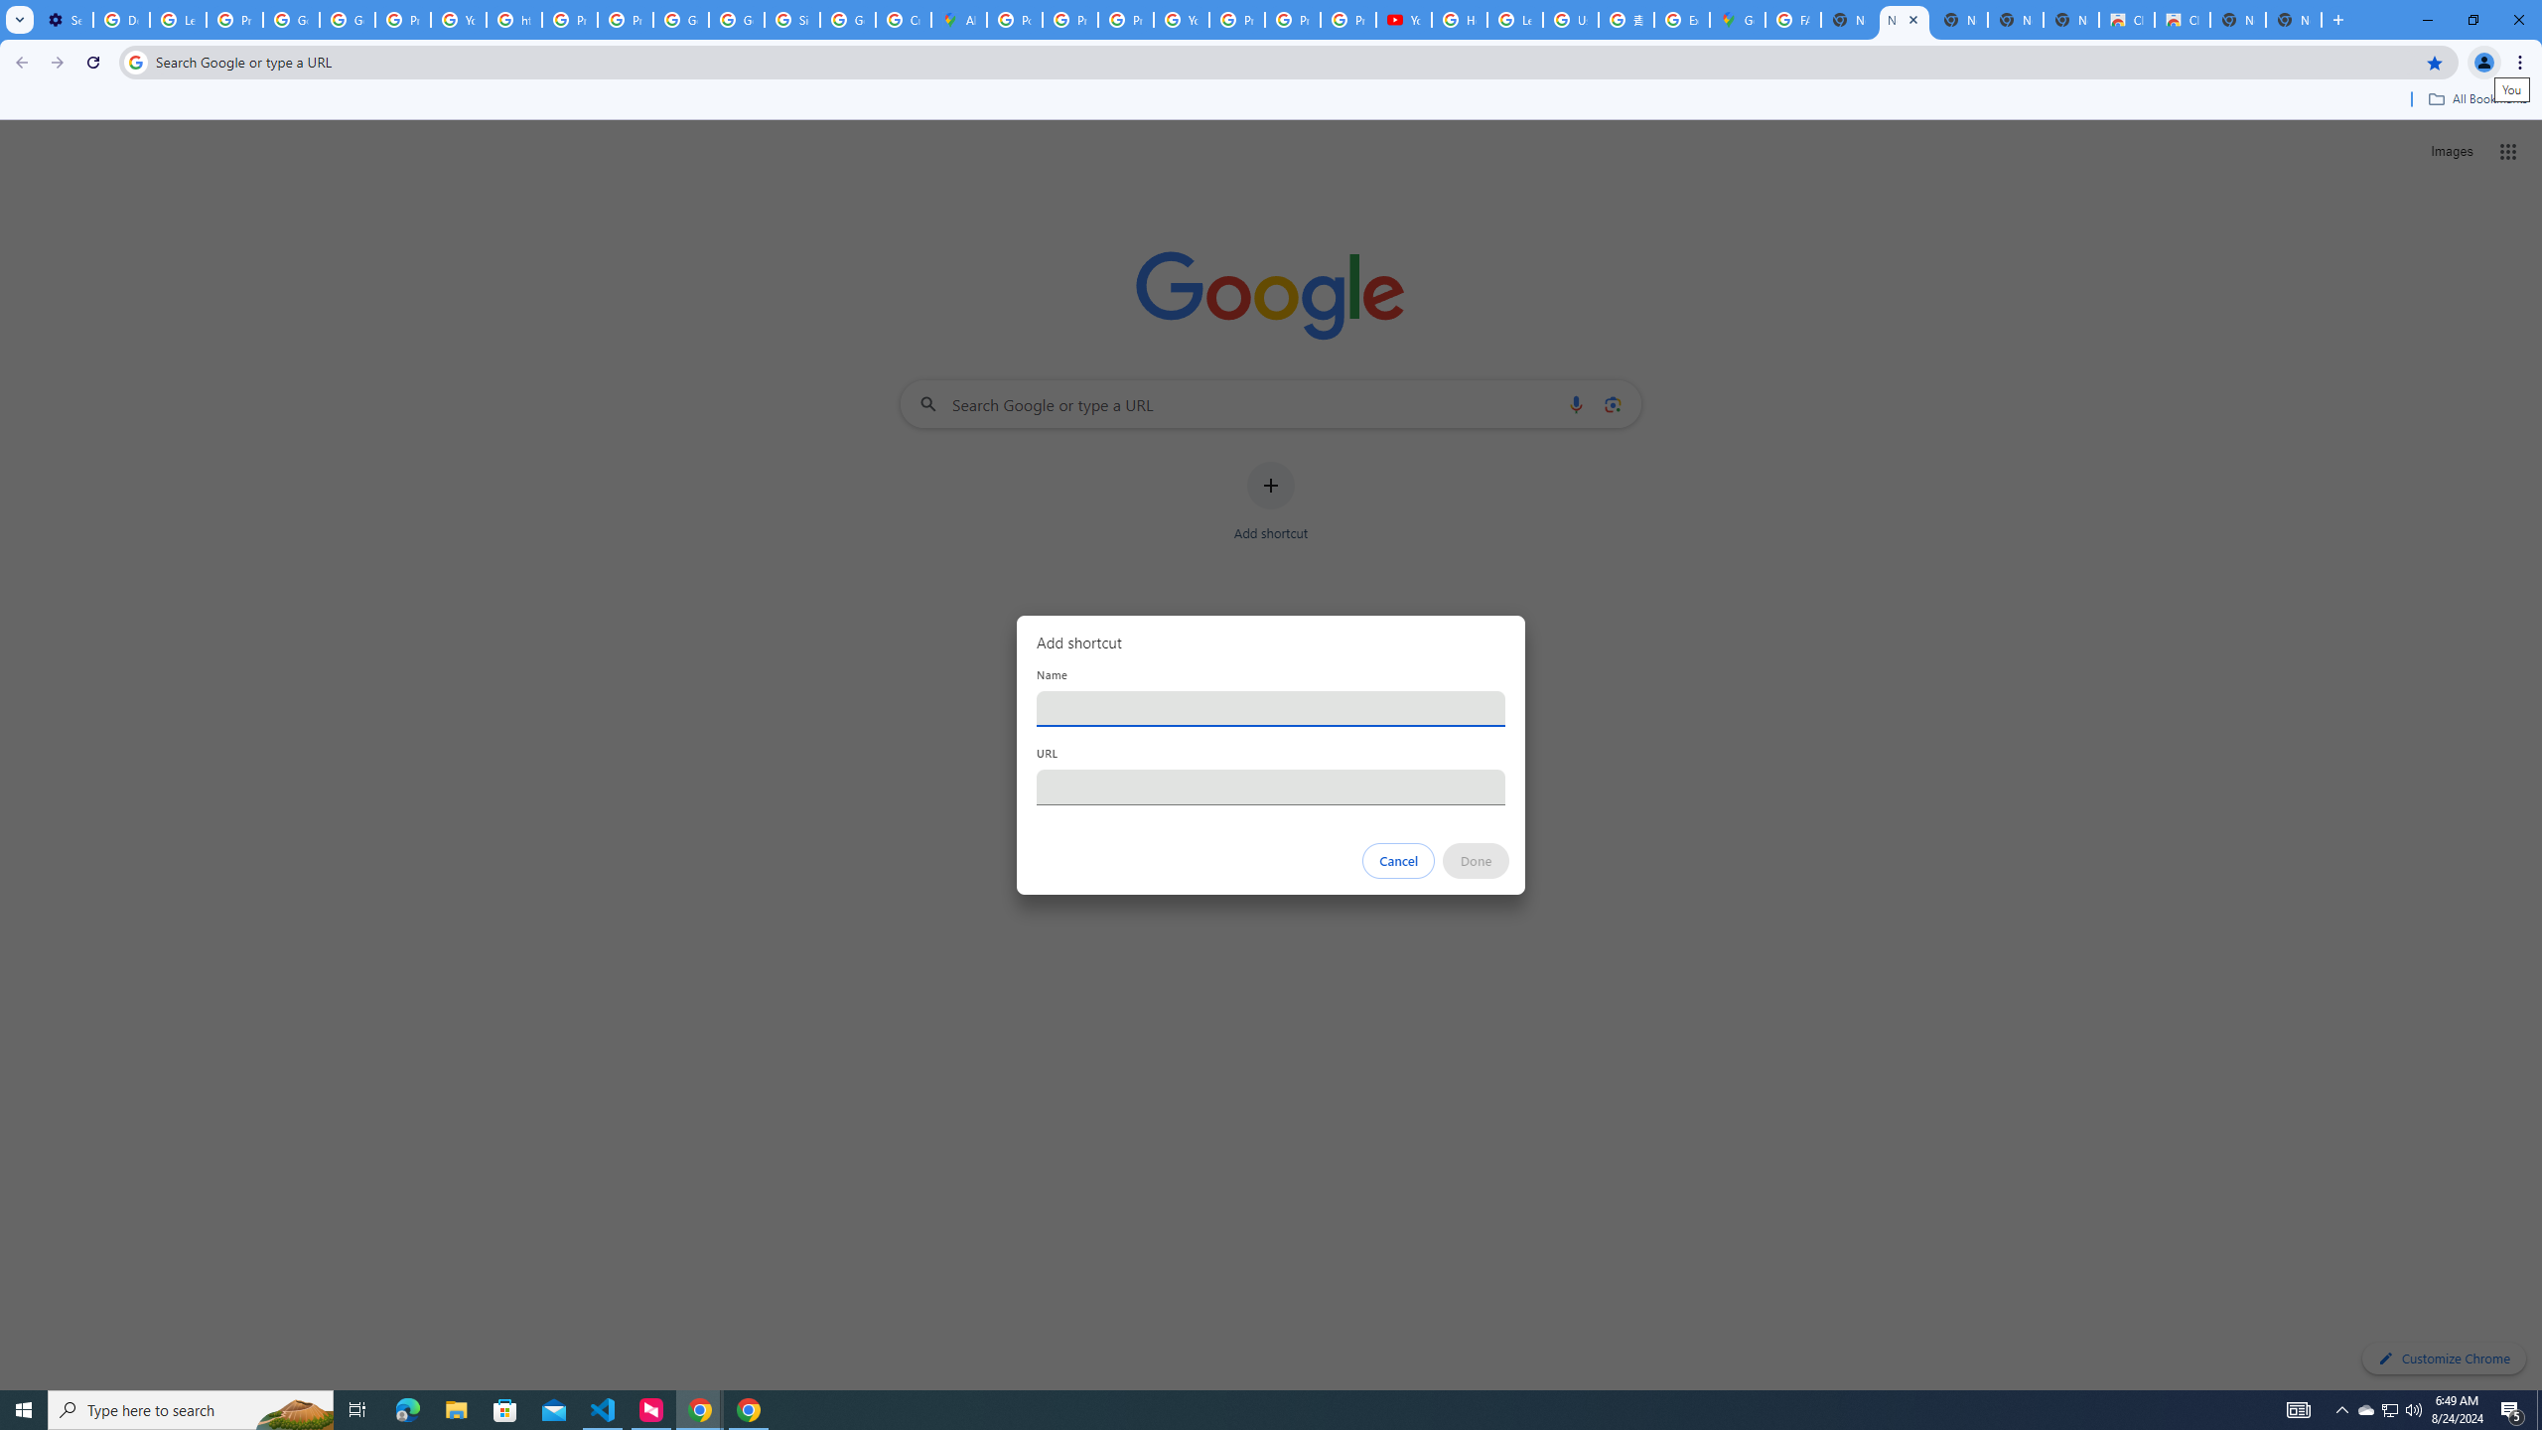 Image resolution: width=2542 pixels, height=1430 pixels. What do you see at coordinates (1071, 19) in the screenshot?
I see `'Privacy Help Center - Policies Help'` at bounding box center [1071, 19].